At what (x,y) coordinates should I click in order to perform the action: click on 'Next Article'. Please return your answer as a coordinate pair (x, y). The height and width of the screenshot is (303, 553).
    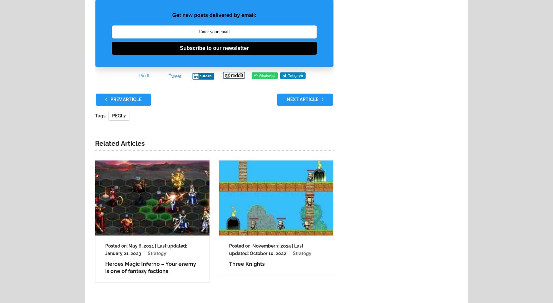
    Looking at the image, I should click on (286, 99).